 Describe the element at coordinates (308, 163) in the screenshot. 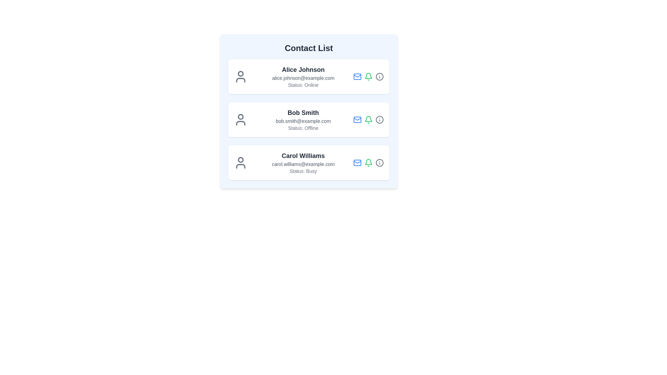

I see `the contact details of Carol Williams` at that location.